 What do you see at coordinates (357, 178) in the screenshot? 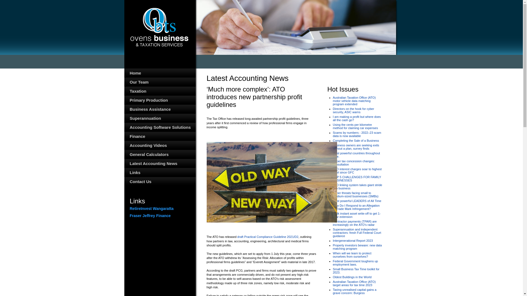
I see `'TOP 5 CHALLENGES FOR FAMILY BUSINESSES'` at bounding box center [357, 178].